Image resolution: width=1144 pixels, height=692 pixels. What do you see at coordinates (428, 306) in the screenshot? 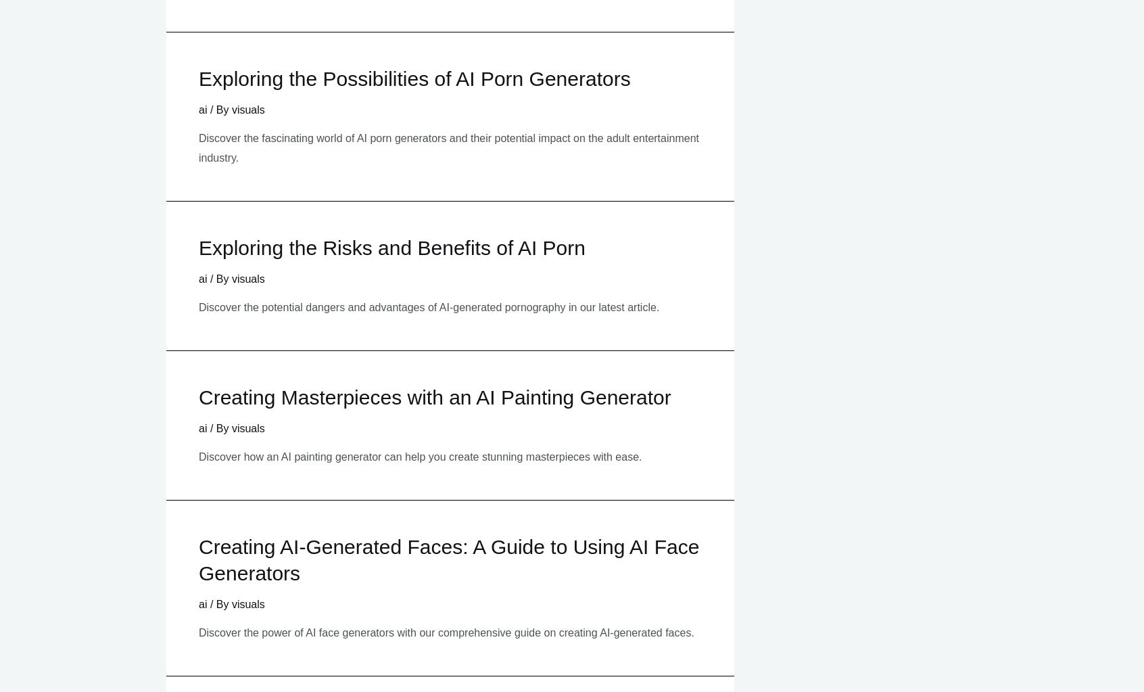
I see `'Discover the potential dangers and advantages of AI-generated pornography in our latest article.'` at bounding box center [428, 306].